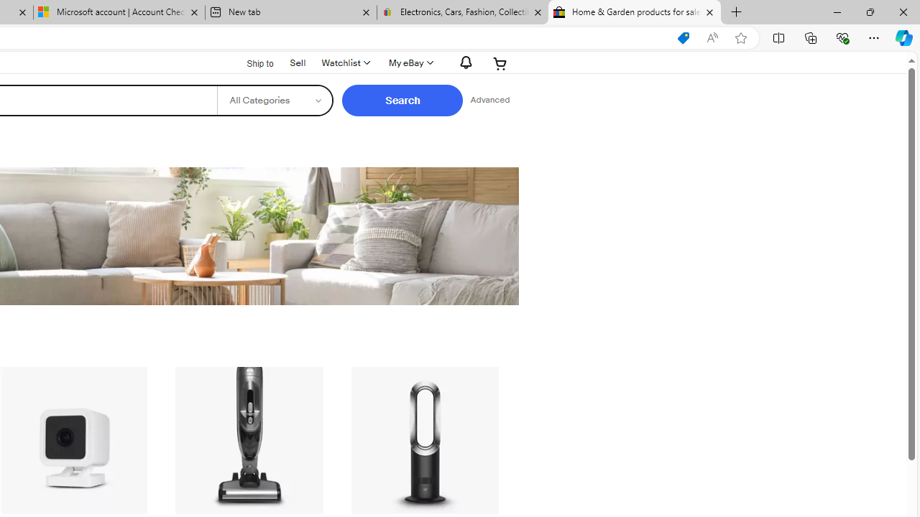  What do you see at coordinates (290, 12) in the screenshot?
I see `'New tab'` at bounding box center [290, 12].